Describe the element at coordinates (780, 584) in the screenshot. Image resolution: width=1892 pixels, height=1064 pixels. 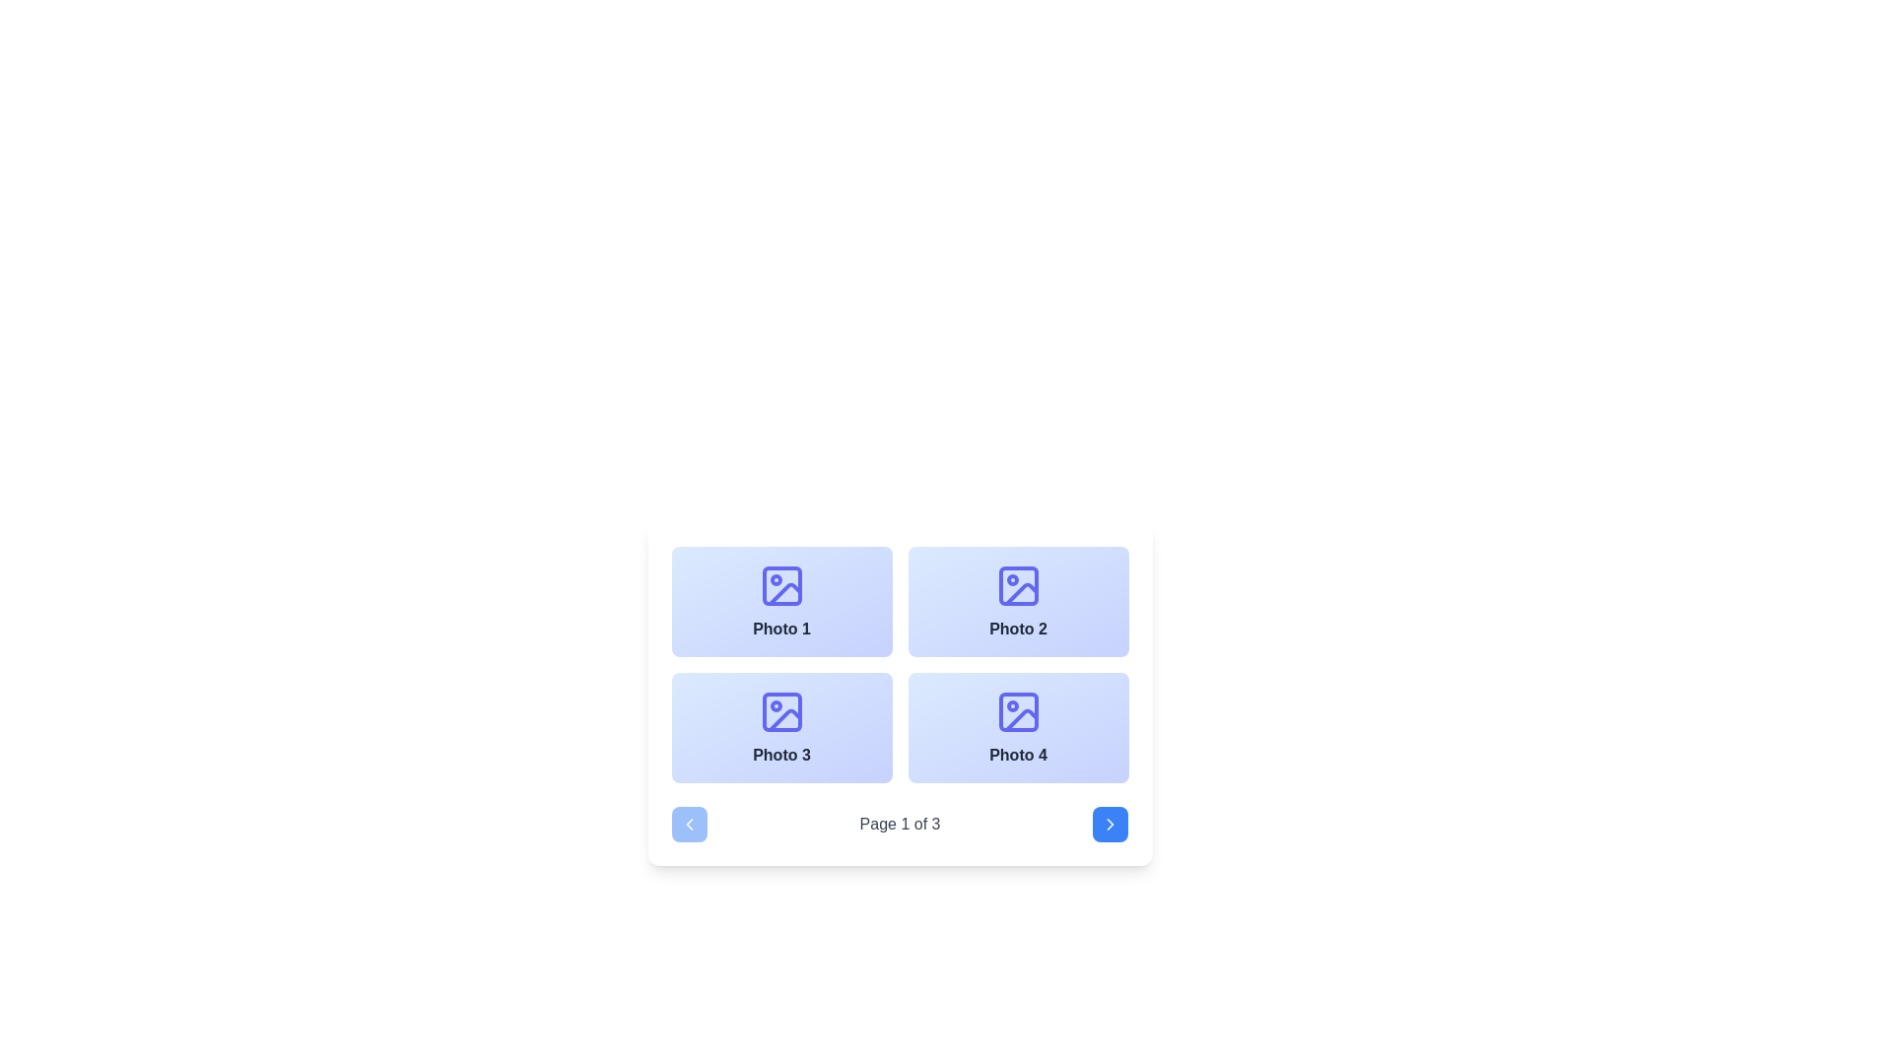
I see `the small rectangular decorative shape within the photo icon labeled 'Photo 1', located in the top-left corner of a 2x2 grid layout` at that location.